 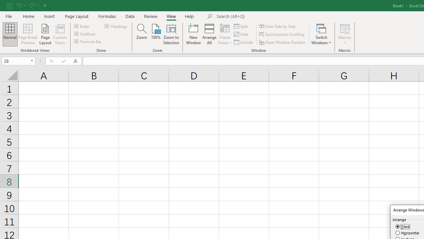 What do you see at coordinates (344, 34) in the screenshot?
I see `'Macros'` at bounding box center [344, 34].